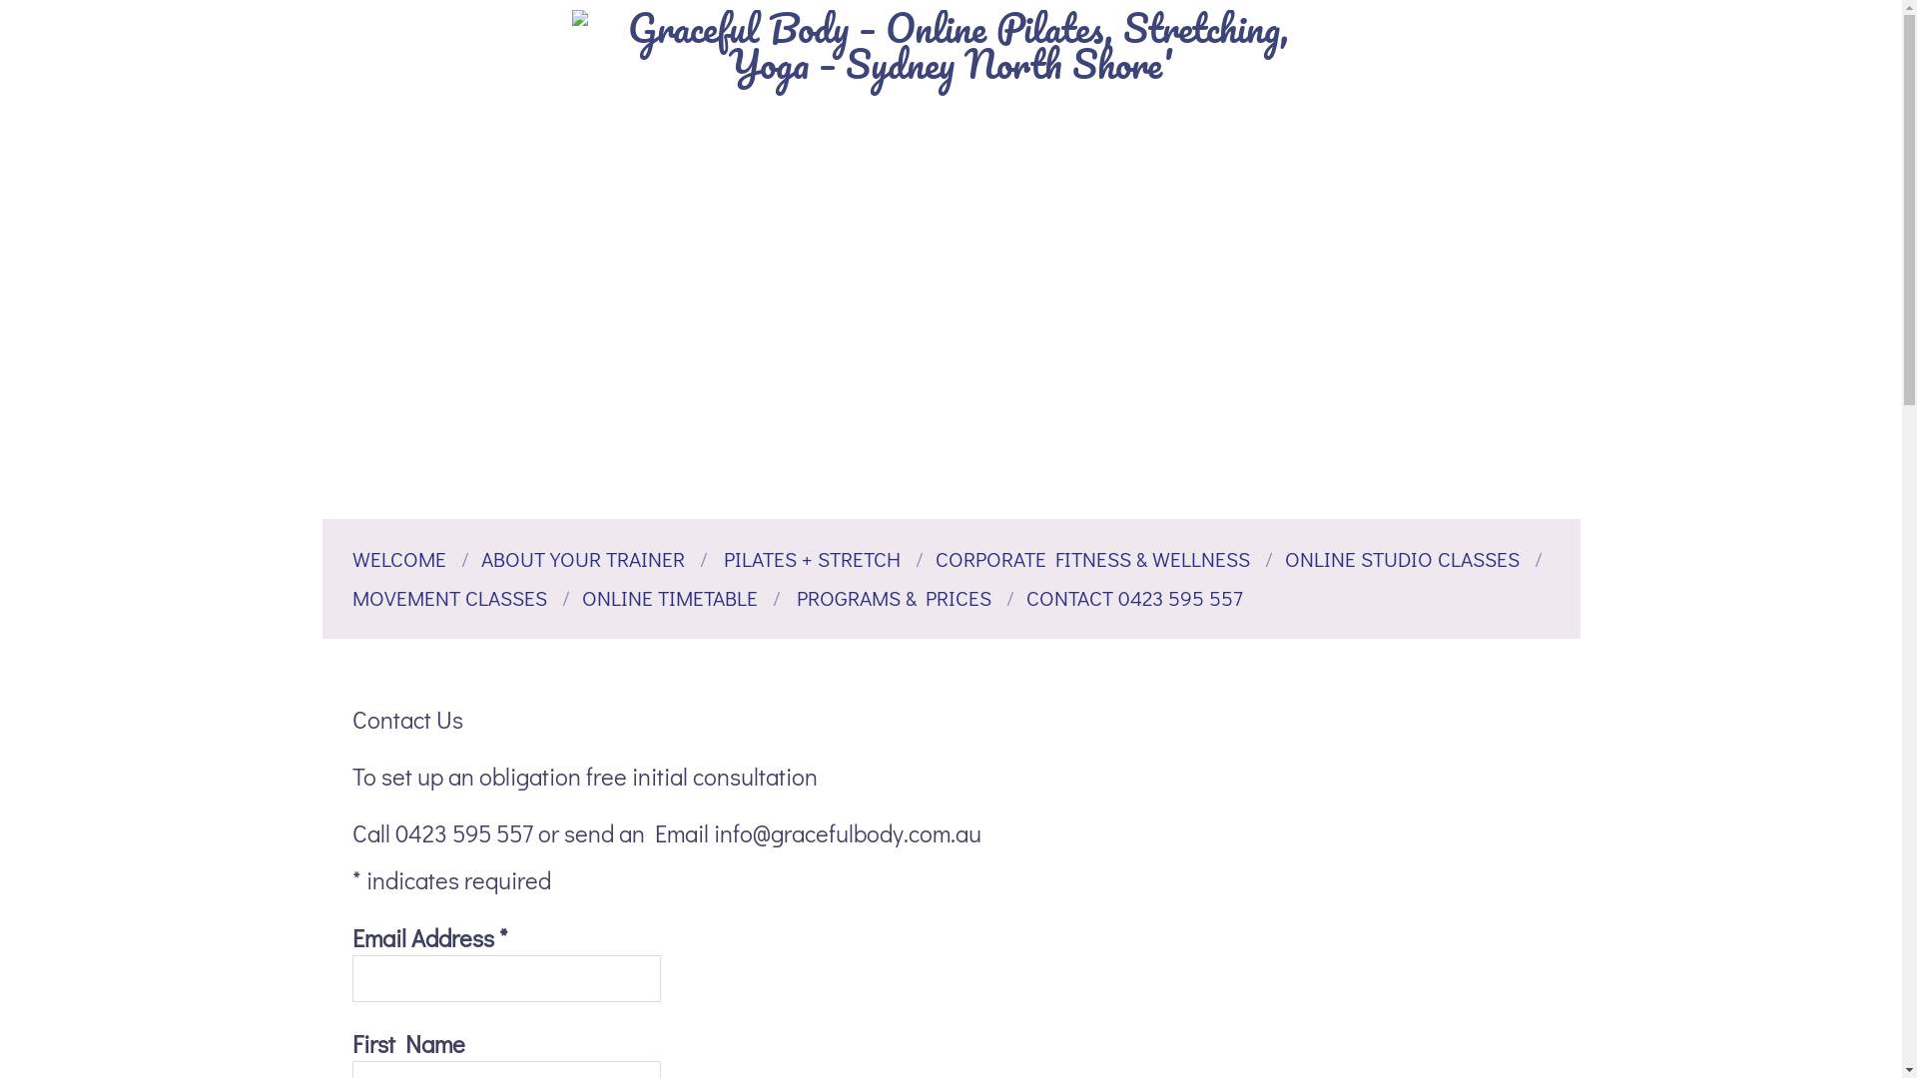  I want to click on 'MOVEMENT CLASSES', so click(350, 596).